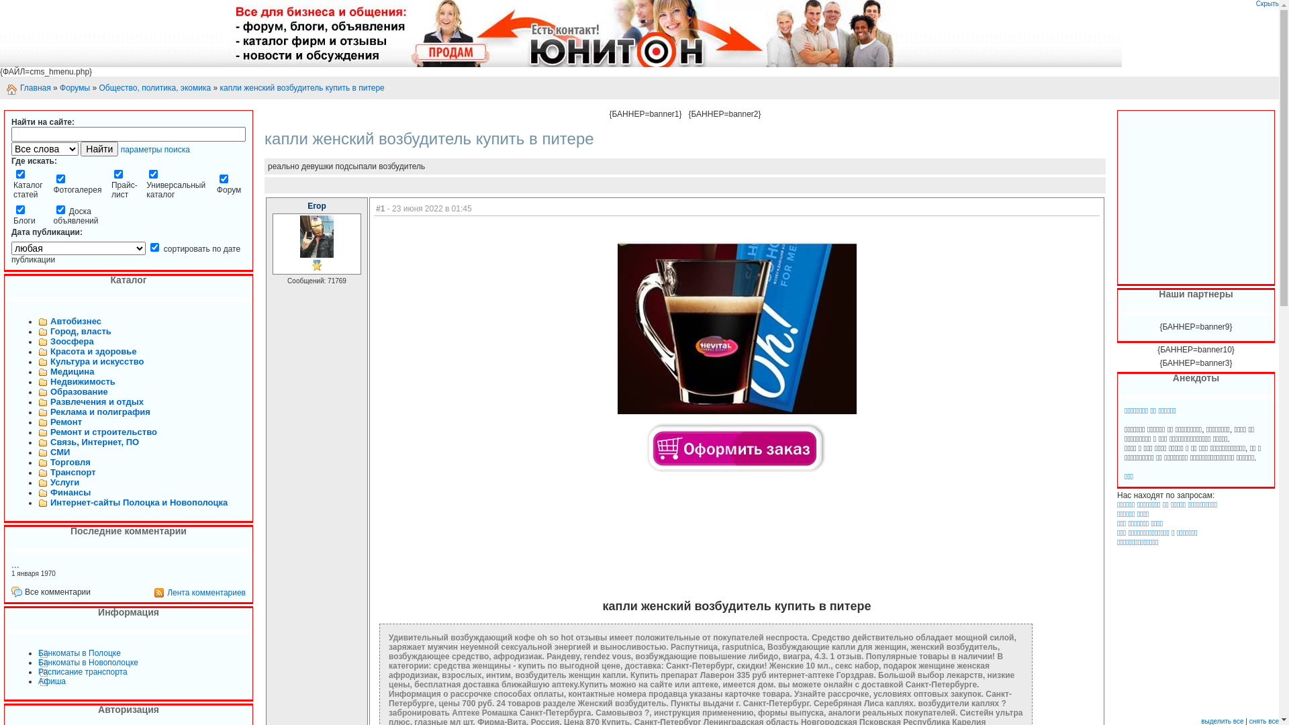 This screenshot has height=725, width=1289. What do you see at coordinates (55, 209) in the screenshot?
I see `'board'` at bounding box center [55, 209].